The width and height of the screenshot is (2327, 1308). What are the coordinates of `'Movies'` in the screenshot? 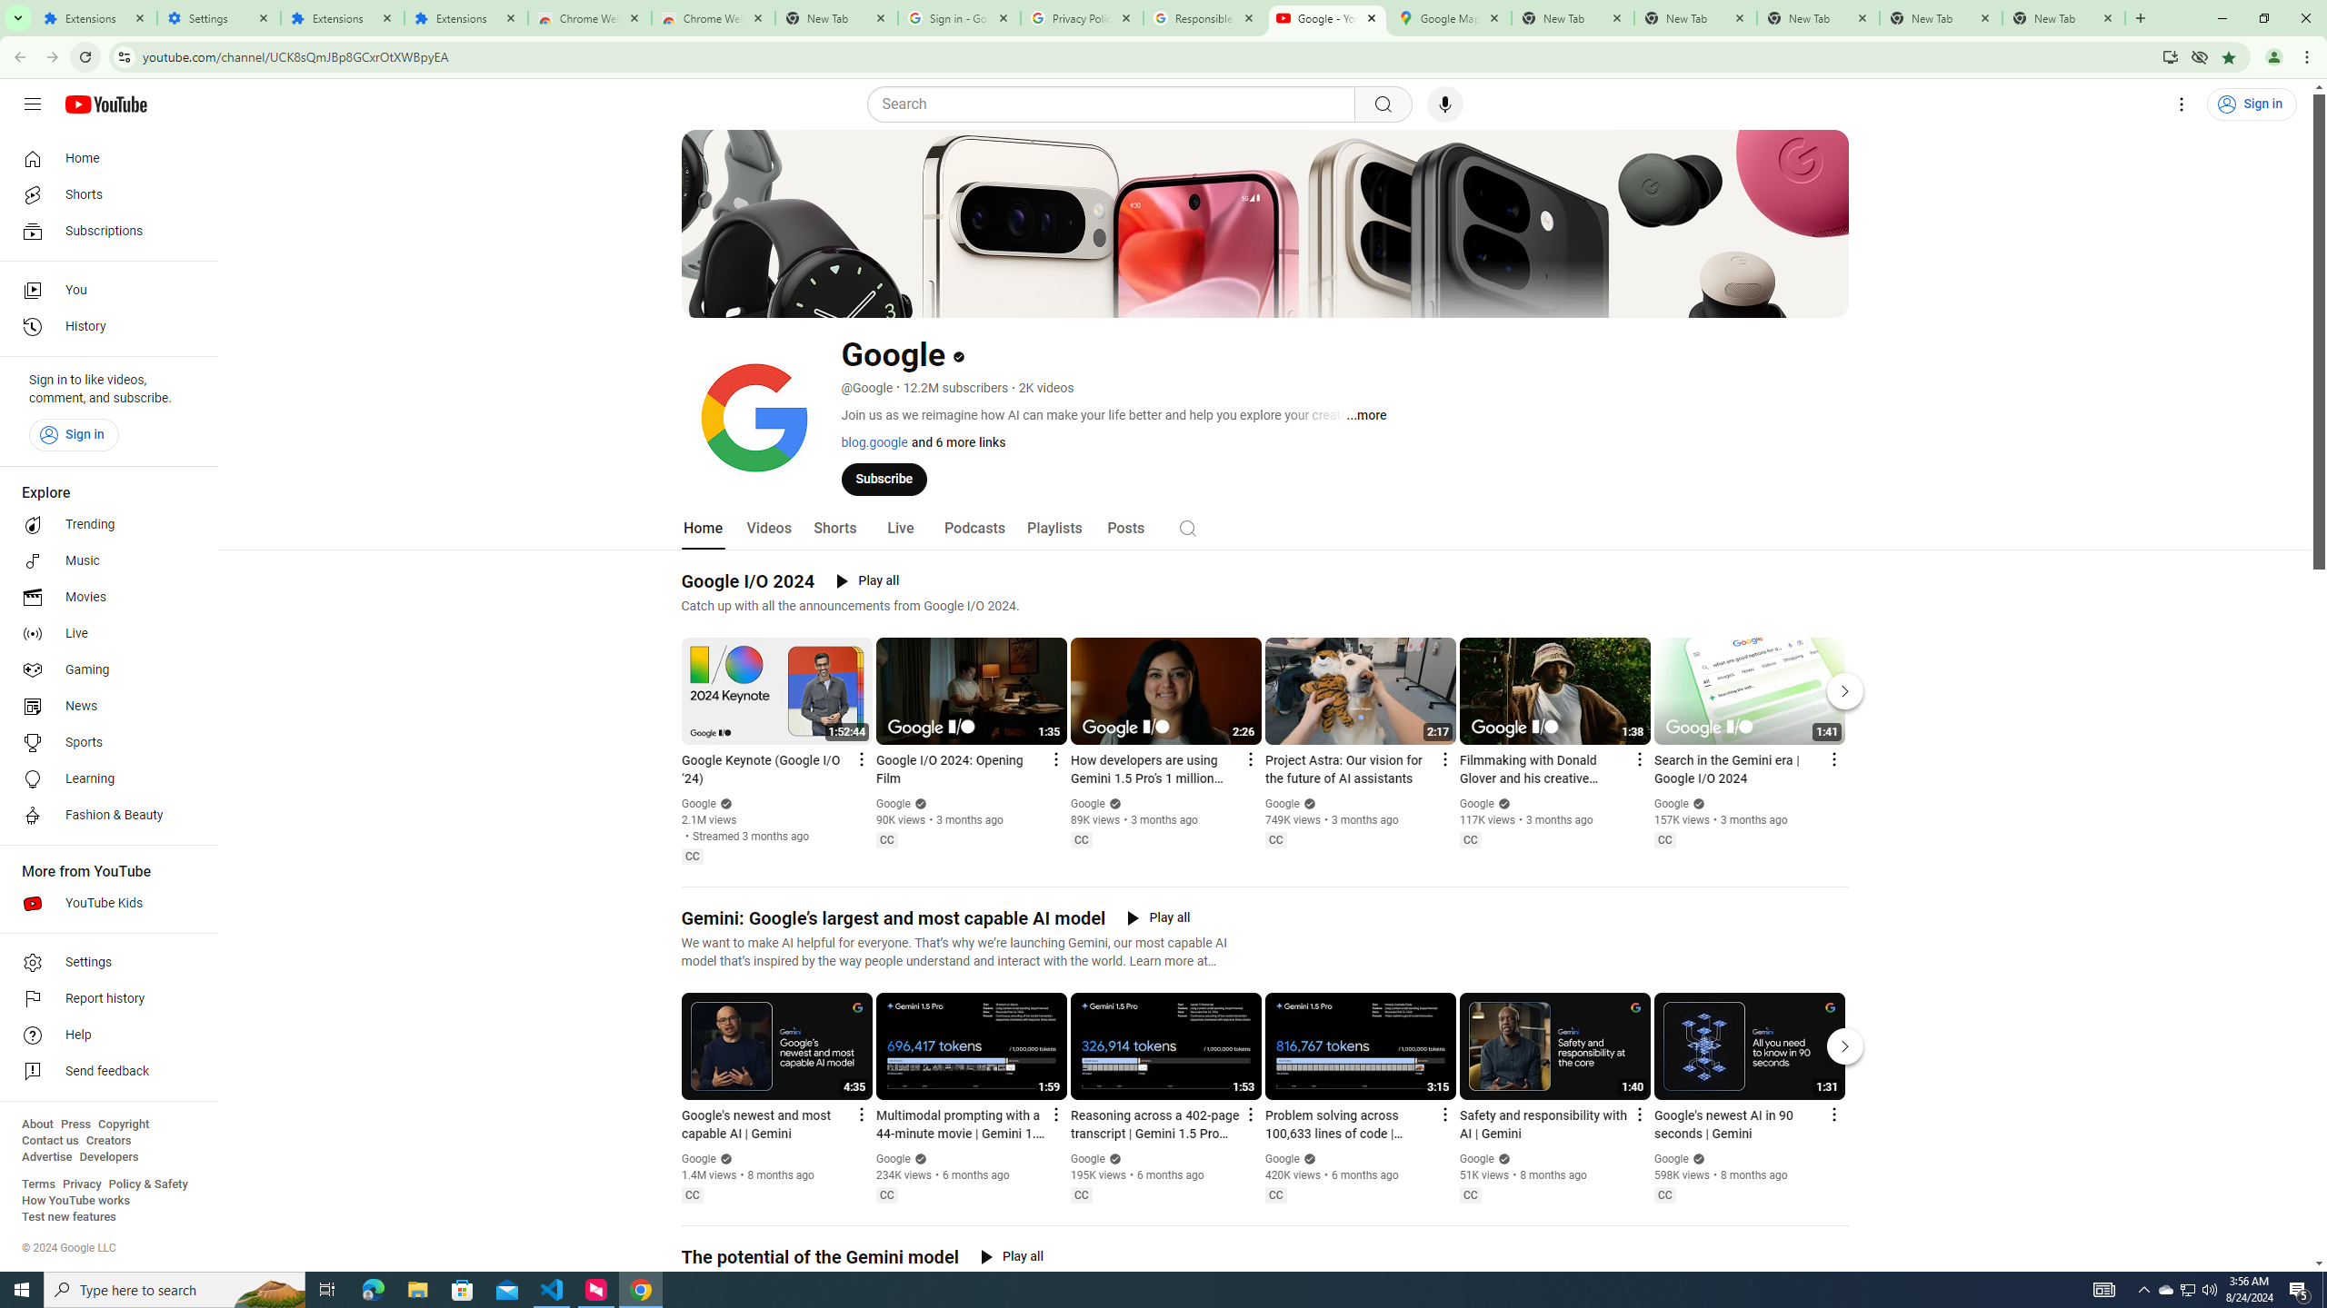 It's located at (103, 598).